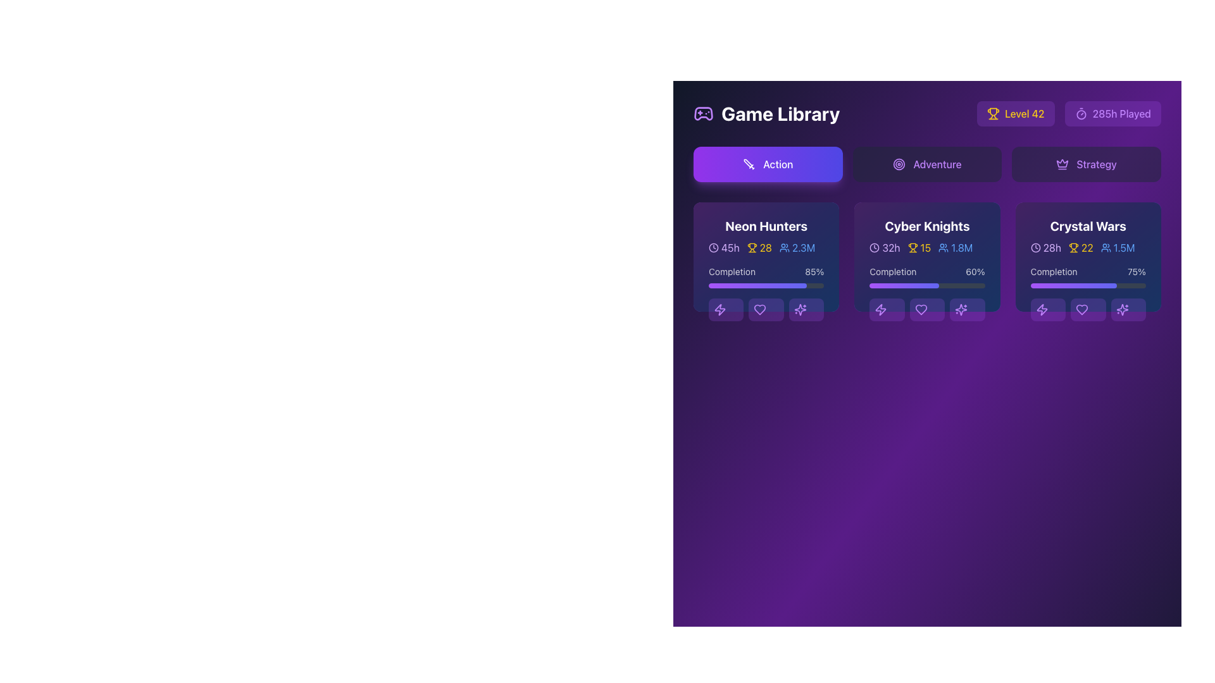  I want to click on the static text element displaying the number '28' in yellow color, located within the 'Neon Hunters' card in the 'Game Library' section, adjacent to a trophy icon, so click(765, 248).